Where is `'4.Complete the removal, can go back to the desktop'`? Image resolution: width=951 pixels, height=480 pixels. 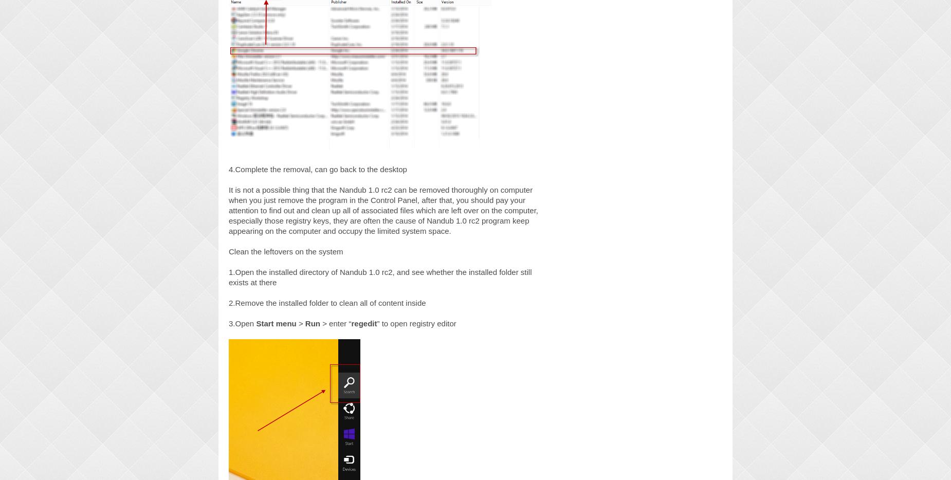
'4.Complete the removal, can go back to the desktop' is located at coordinates (318, 169).